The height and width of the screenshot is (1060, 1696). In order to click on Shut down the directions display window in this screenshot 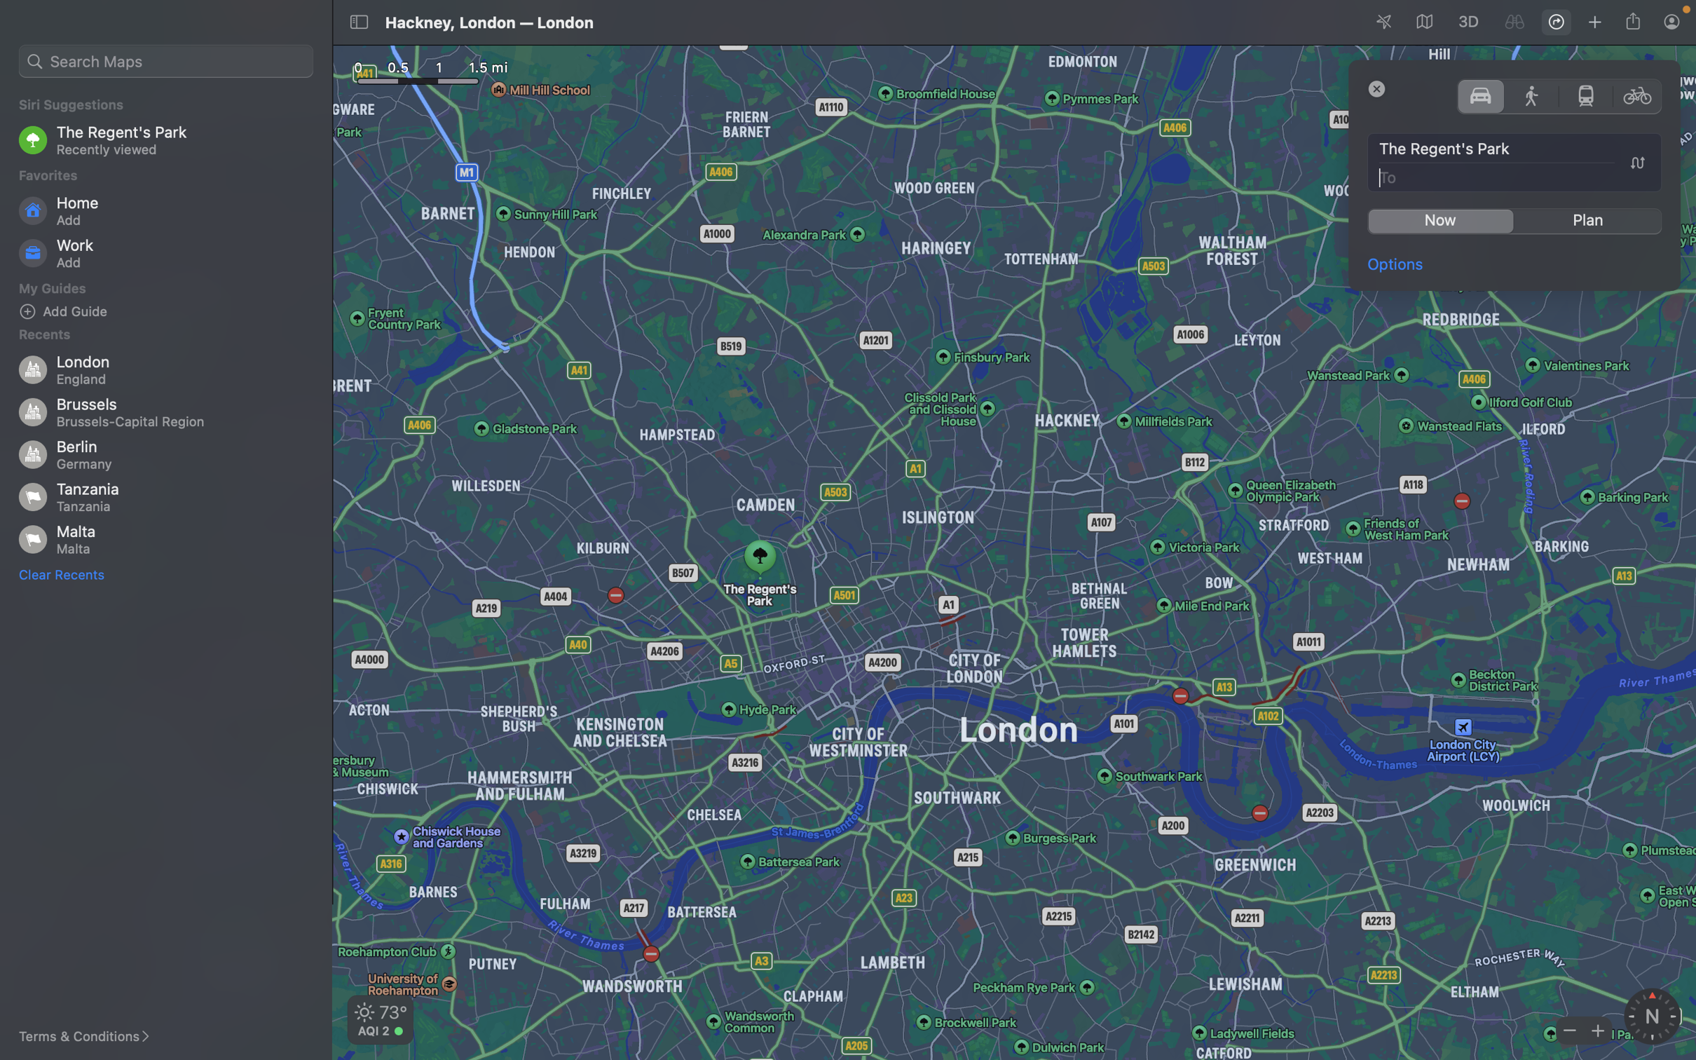, I will do `click(1377, 88)`.